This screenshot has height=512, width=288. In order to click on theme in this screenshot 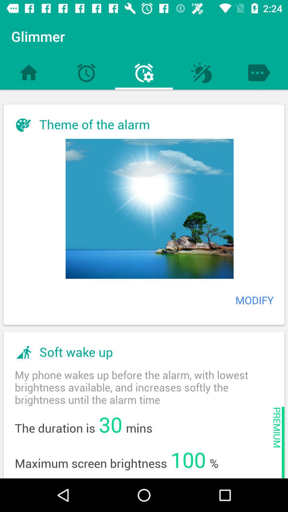, I will do `click(149, 208)`.